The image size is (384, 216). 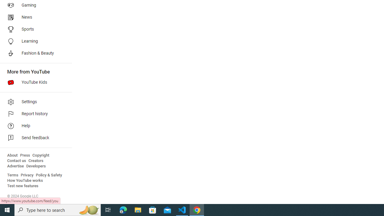 I want to click on 'Send feedback', so click(x=34, y=138).